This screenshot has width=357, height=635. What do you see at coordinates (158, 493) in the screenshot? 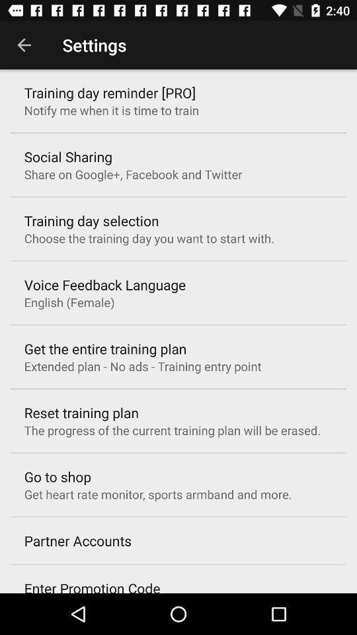
I see `get heart rate item` at bounding box center [158, 493].